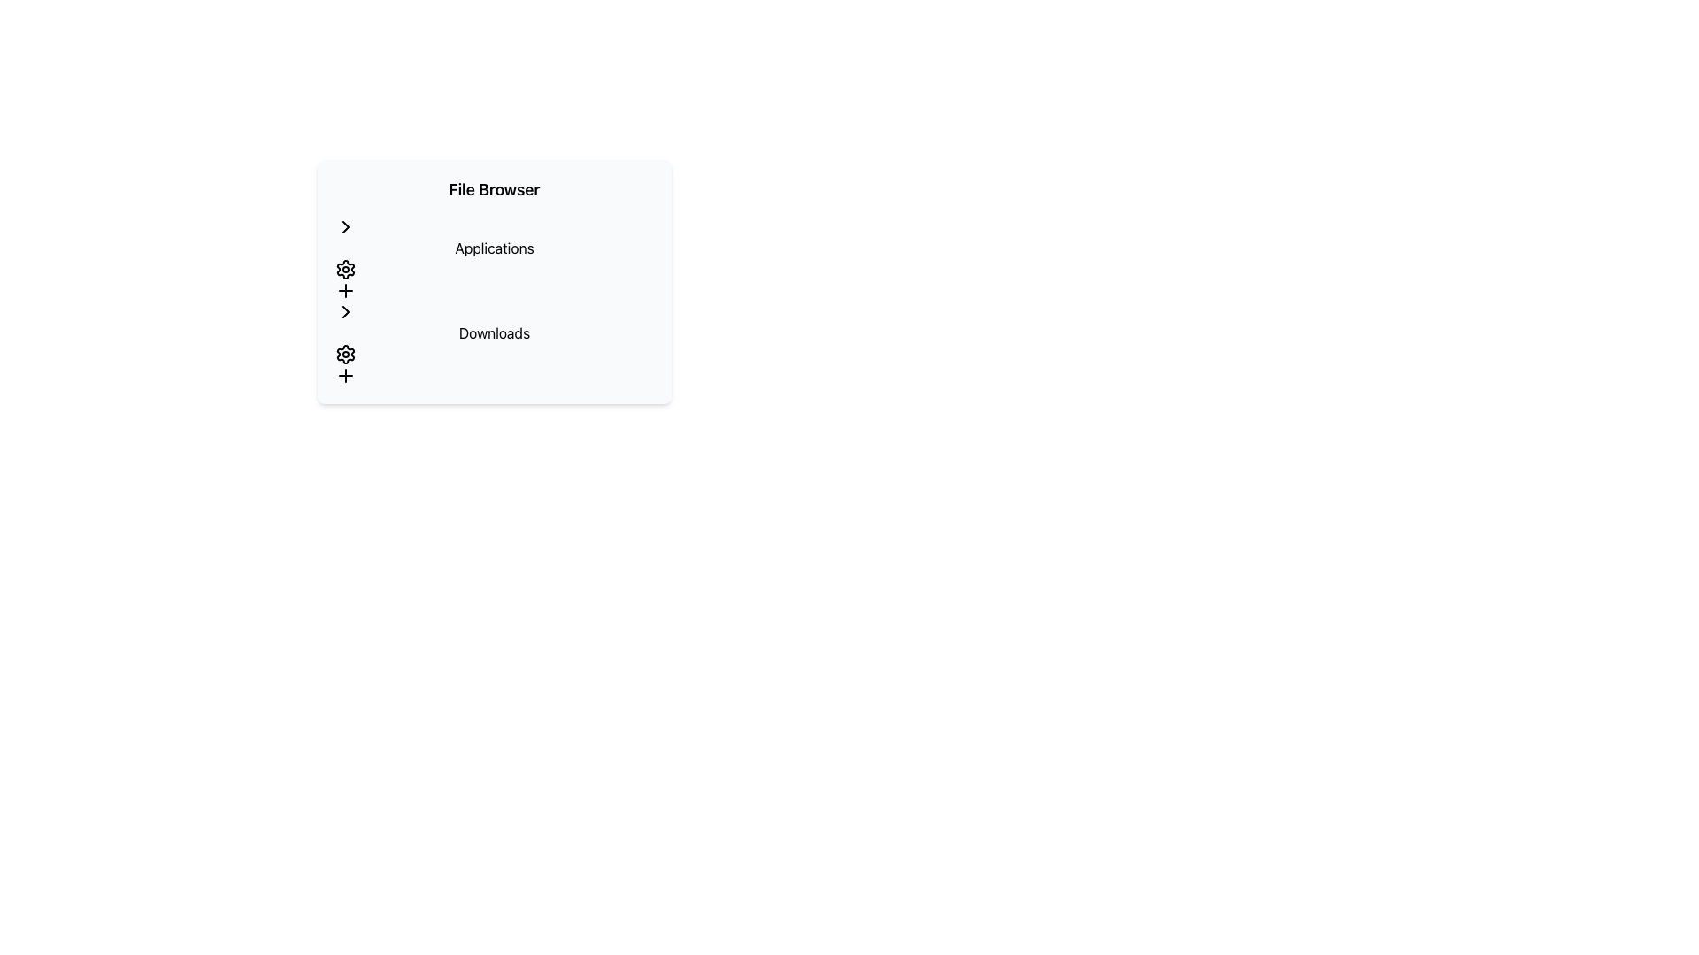 The height and width of the screenshot is (955, 1699). Describe the element at coordinates (345, 269) in the screenshot. I see `the cogwheel icon located in the fourth position of the vertical sequence on the left side of the white panel` at that location.